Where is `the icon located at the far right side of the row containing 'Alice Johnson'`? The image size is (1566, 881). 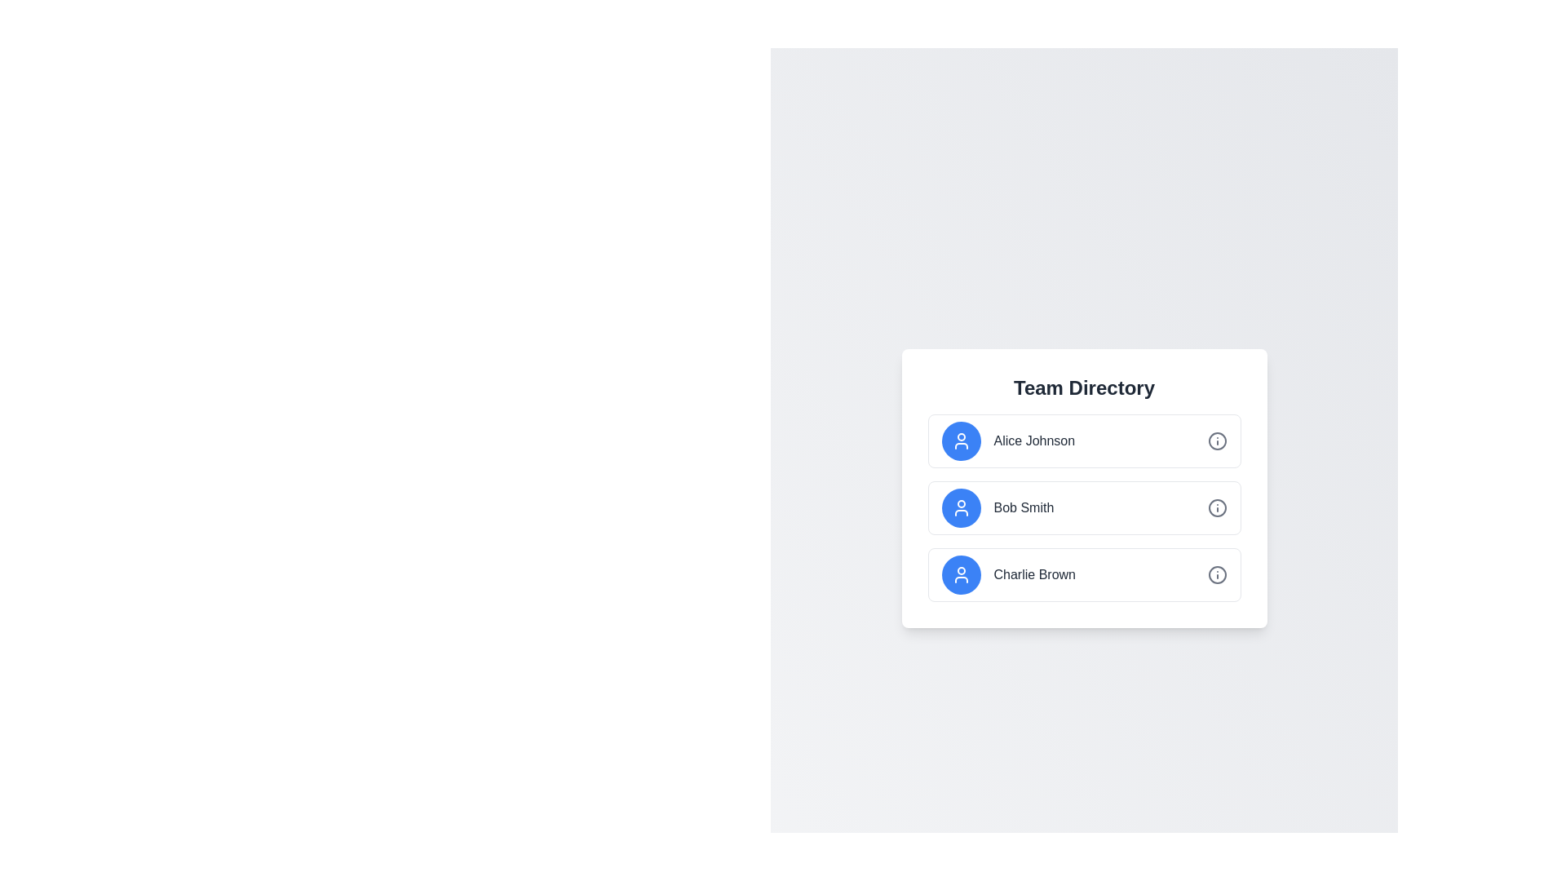 the icon located at the far right side of the row containing 'Alice Johnson' is located at coordinates (1217, 440).